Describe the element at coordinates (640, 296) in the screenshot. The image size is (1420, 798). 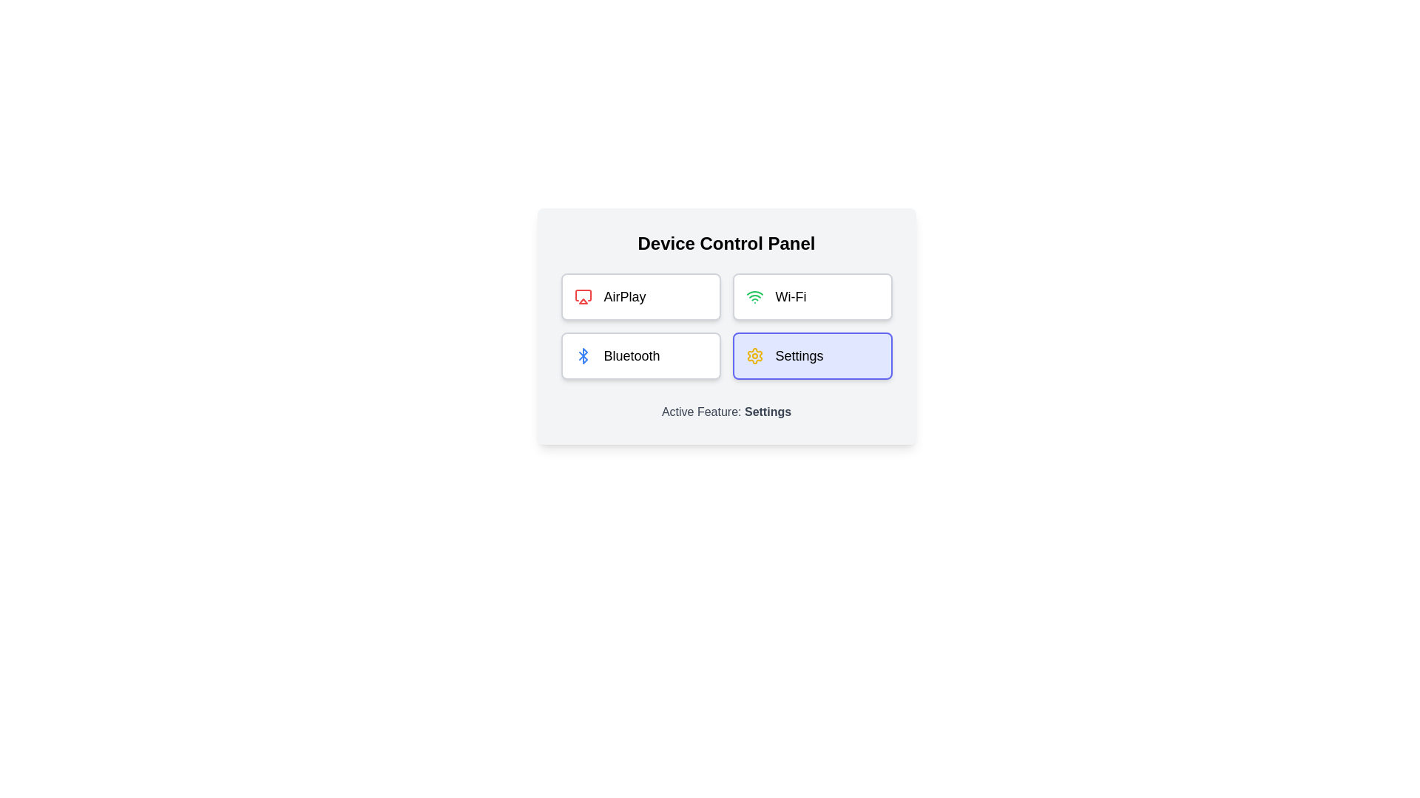
I see `the feature button AirPlay to view its hover effect` at that location.